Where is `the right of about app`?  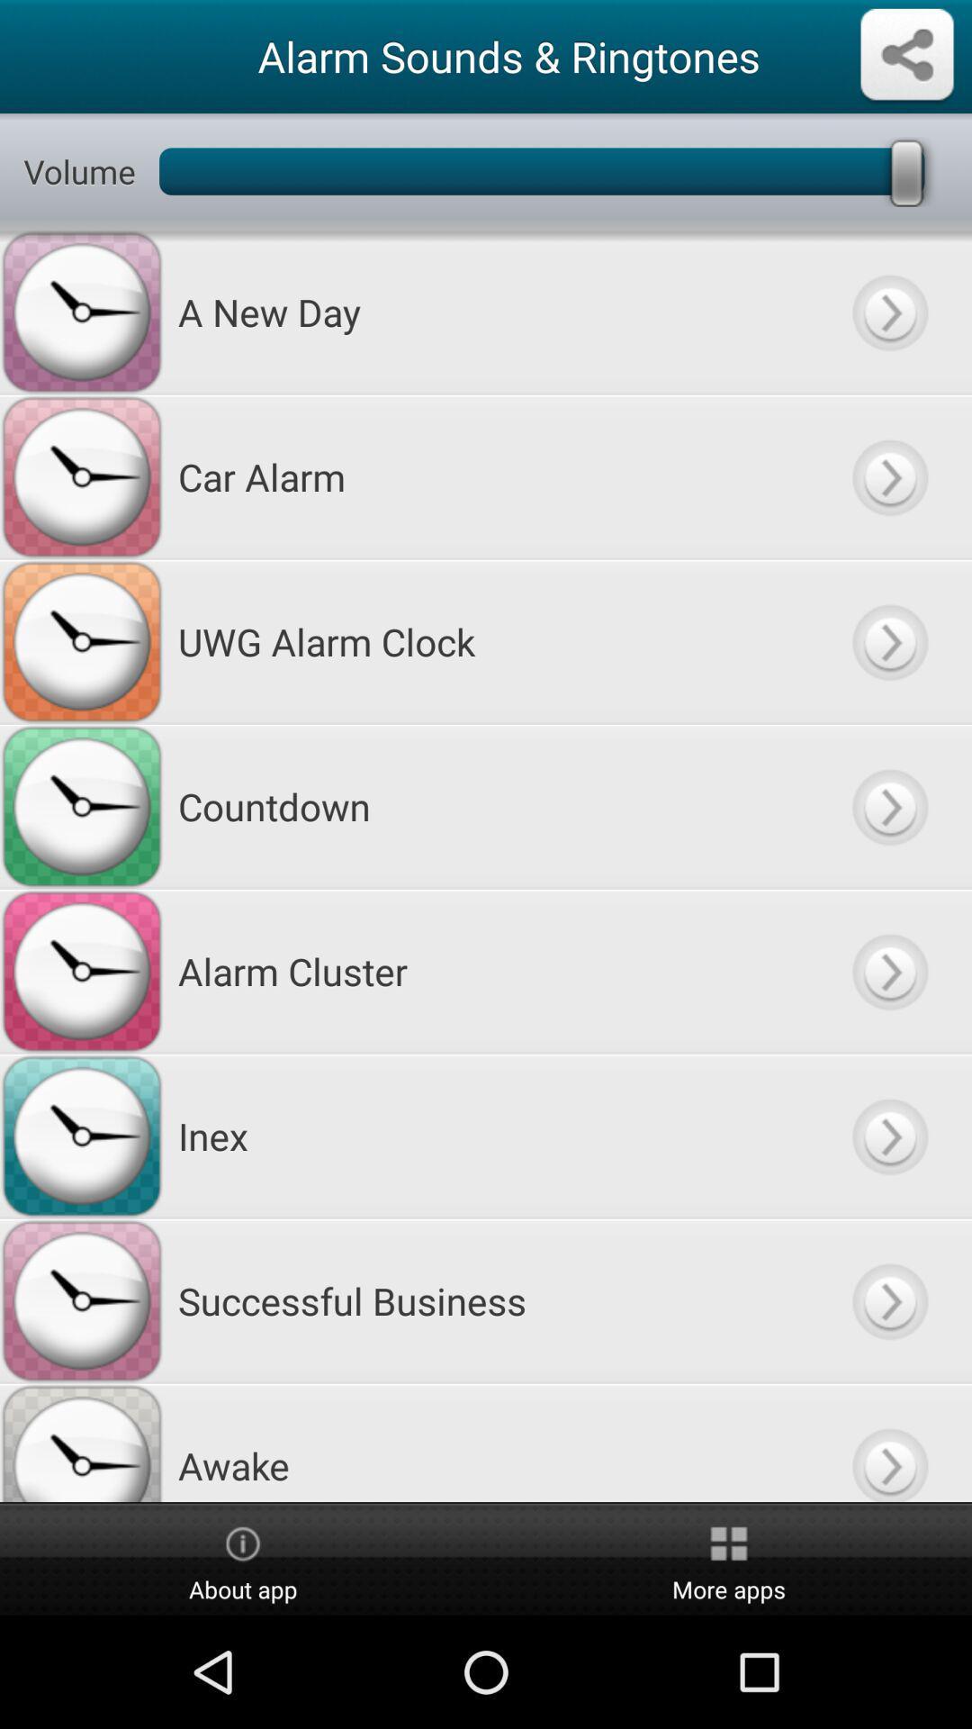
the right of about app is located at coordinates (729, 1560).